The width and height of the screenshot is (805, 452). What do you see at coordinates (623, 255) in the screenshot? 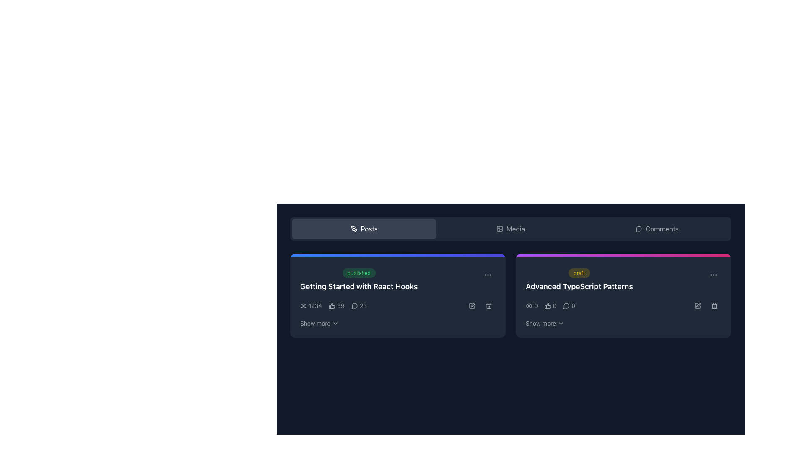
I see `the horizontal progress indicator located at the top edge of the 'Advanced TypeScript Patterns' card, which features a gradient color scheme transitioning from purple to pink` at bounding box center [623, 255].